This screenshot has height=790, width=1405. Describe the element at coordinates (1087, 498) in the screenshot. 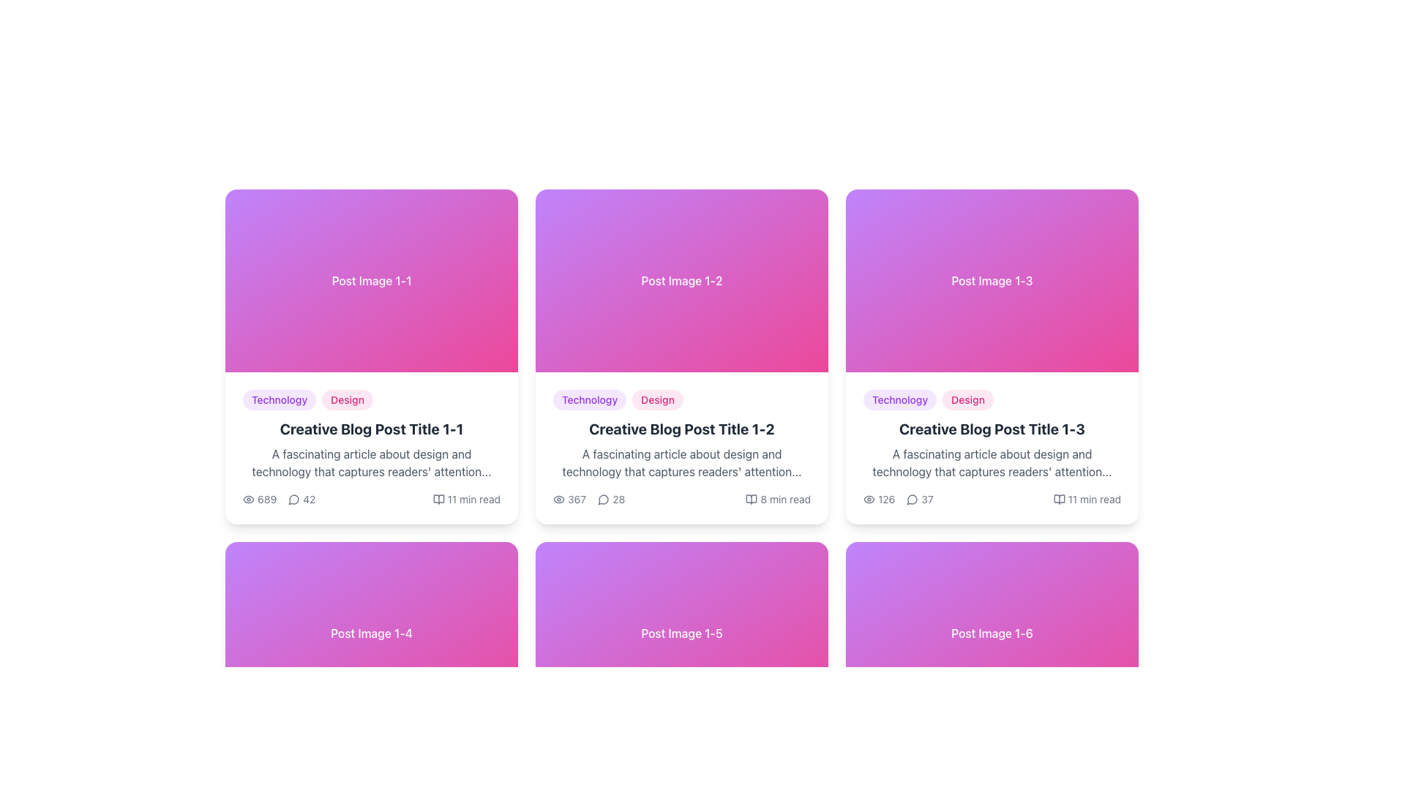

I see `the decorative text element that displays '11 min read' with an open book icon, located at the bottom right of the blog post card labeled 'Creative Blog Post Title 1-3'` at that location.